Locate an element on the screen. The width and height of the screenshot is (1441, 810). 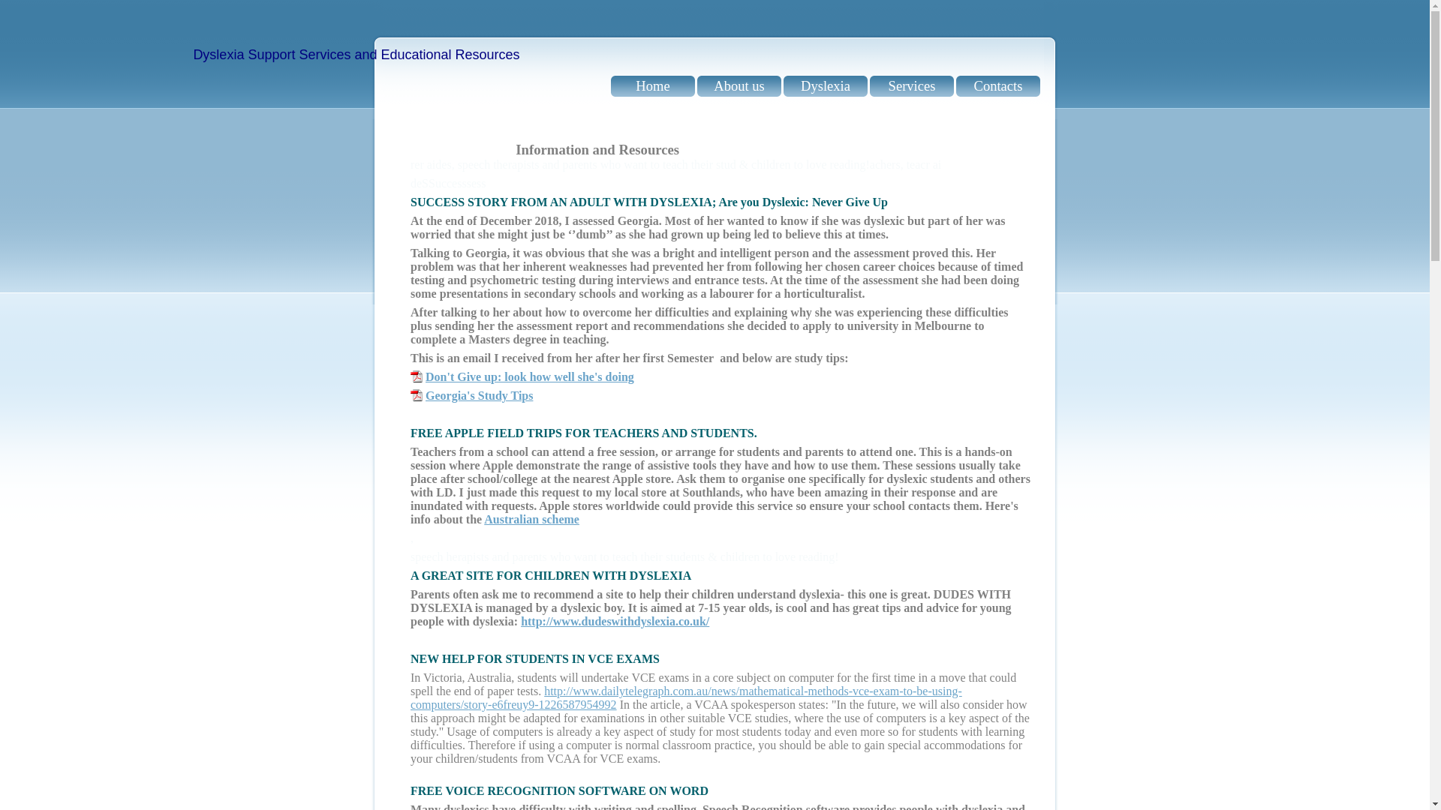
'About us' is located at coordinates (739, 86).